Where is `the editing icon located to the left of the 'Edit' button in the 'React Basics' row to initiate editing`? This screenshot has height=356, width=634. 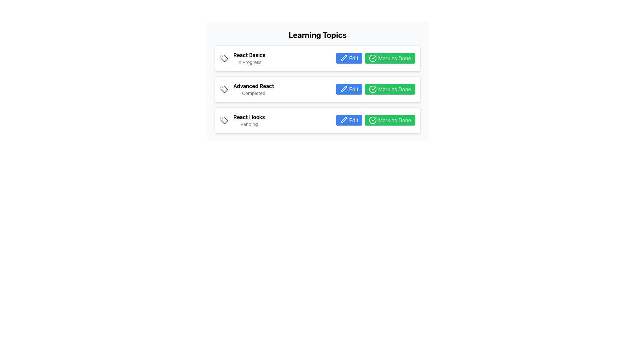 the editing icon located to the left of the 'Edit' button in the 'React Basics' row to initiate editing is located at coordinates (343, 58).